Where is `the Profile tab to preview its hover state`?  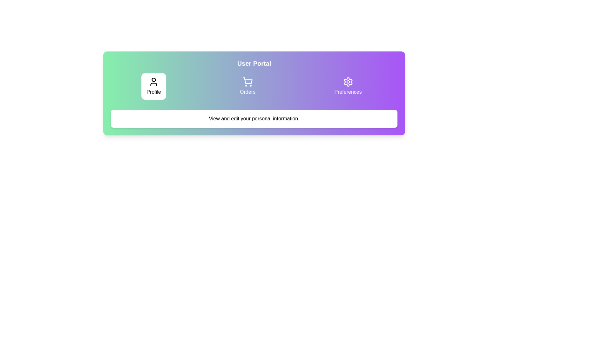 the Profile tab to preview its hover state is located at coordinates (153, 86).